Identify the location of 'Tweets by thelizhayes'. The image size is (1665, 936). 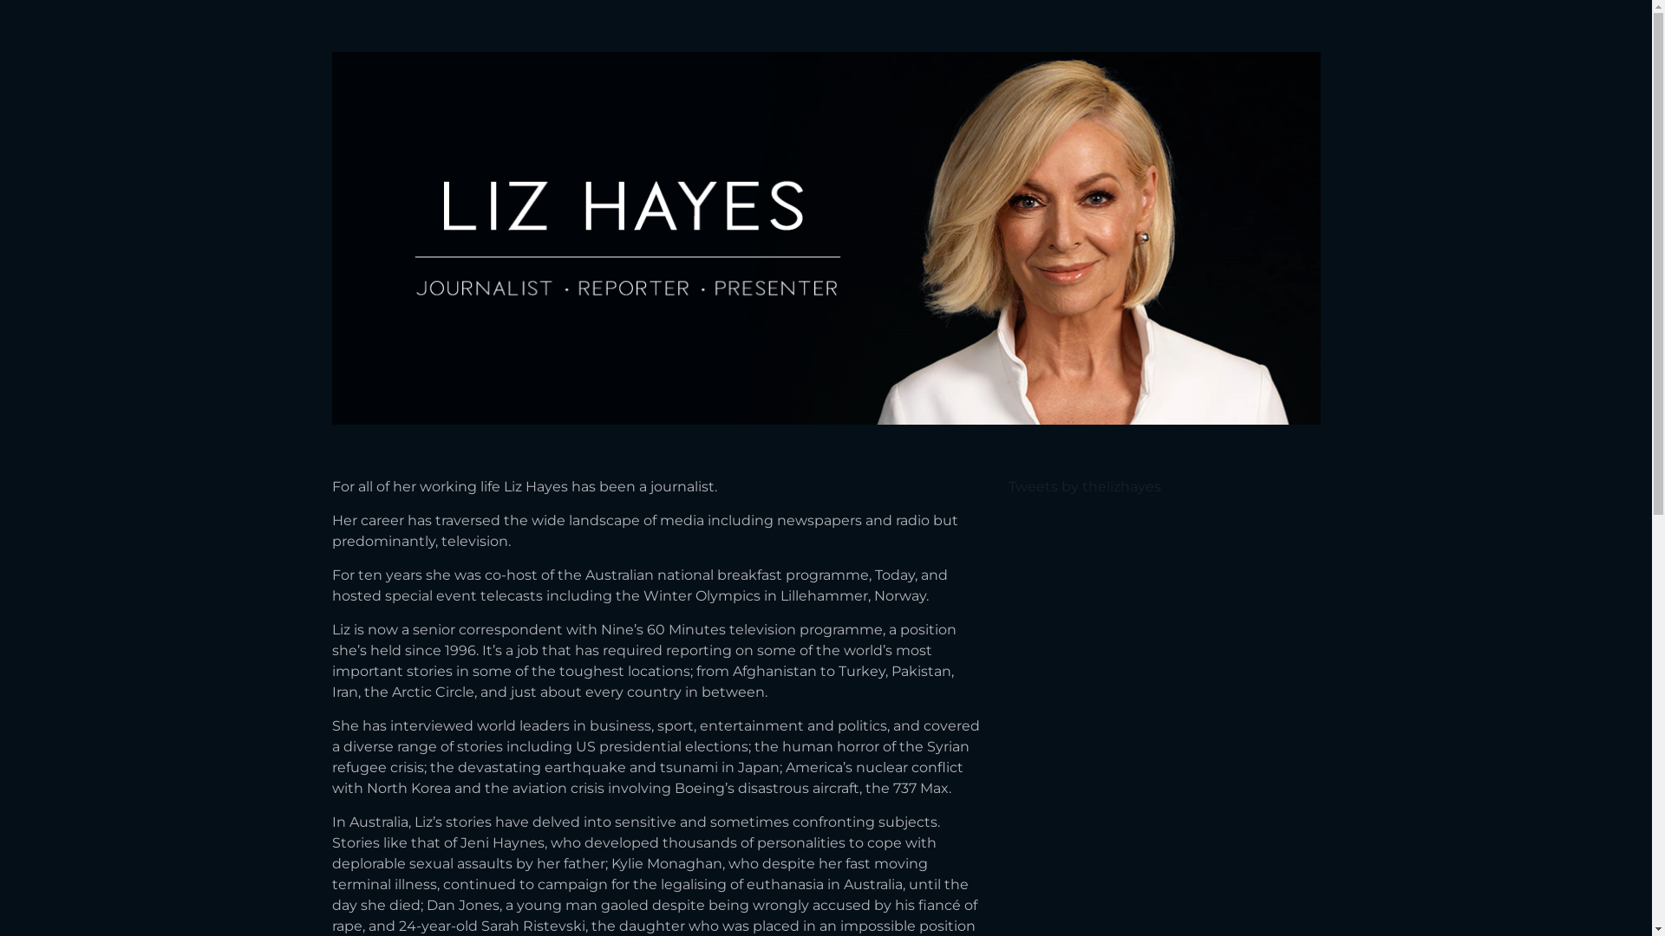
(1082, 486).